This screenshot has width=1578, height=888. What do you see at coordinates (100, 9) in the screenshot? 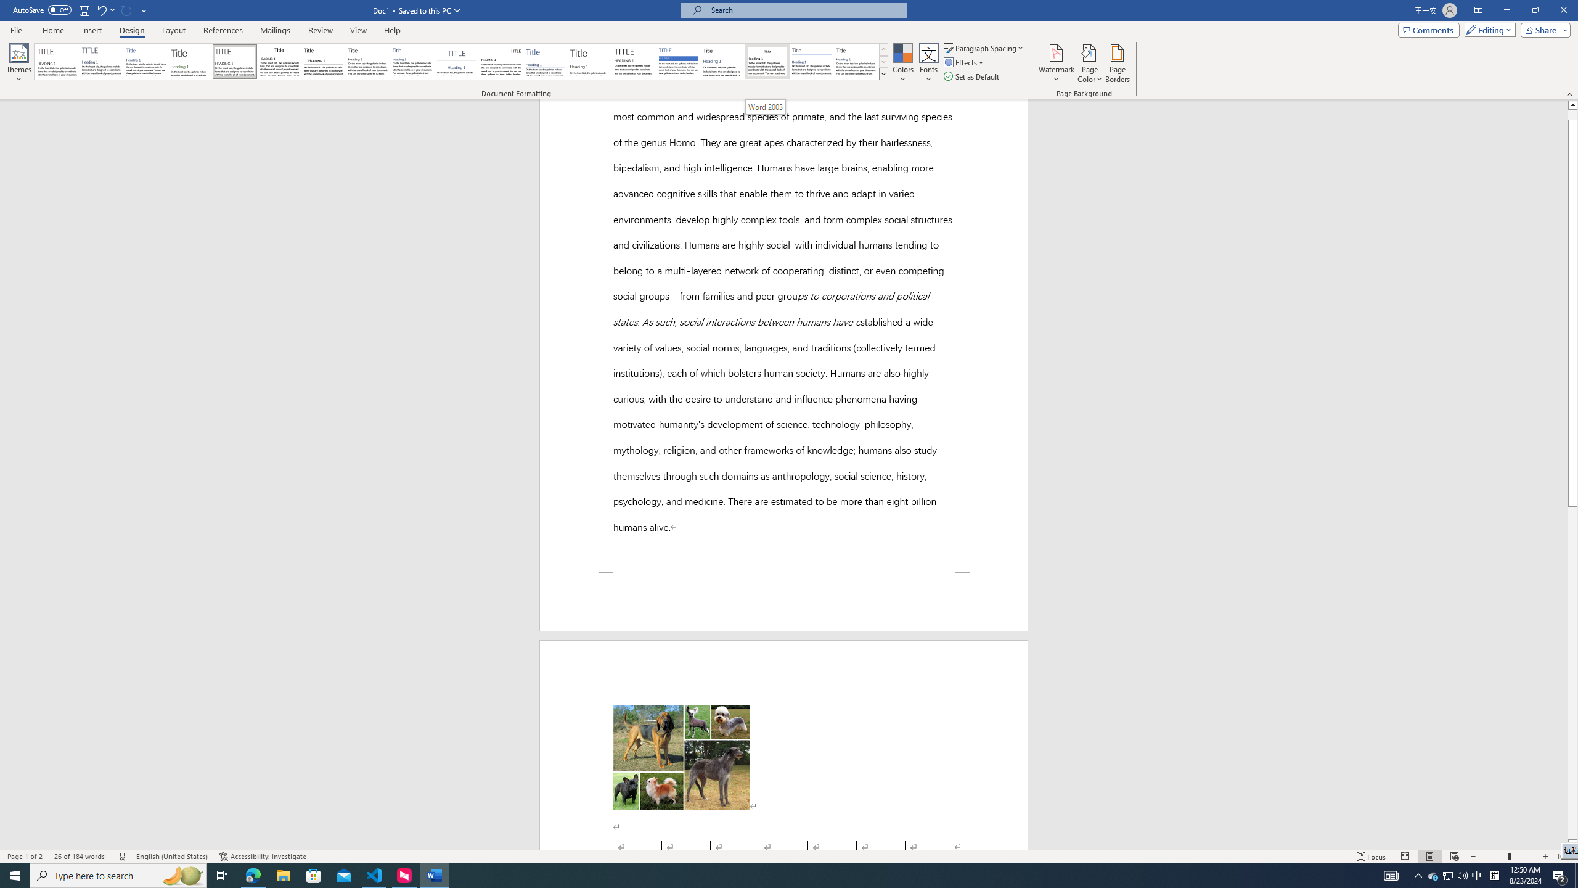
I see `'Undo Apply Quick Style Set'` at bounding box center [100, 9].